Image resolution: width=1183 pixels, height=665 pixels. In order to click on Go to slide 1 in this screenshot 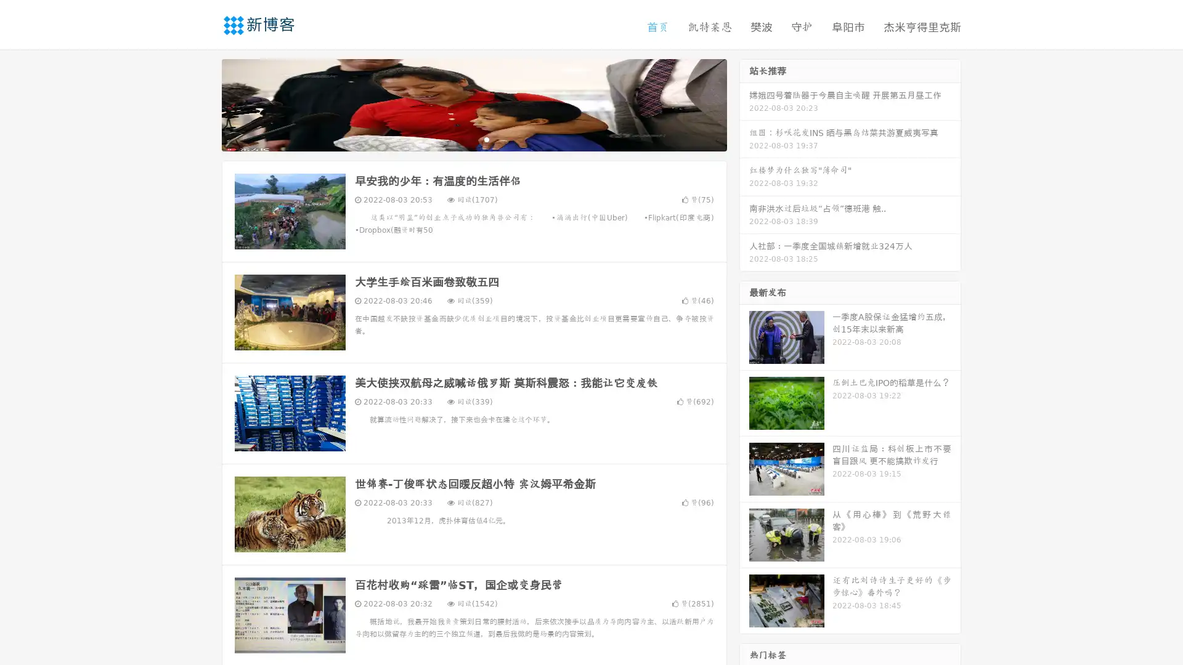, I will do `click(461, 139)`.